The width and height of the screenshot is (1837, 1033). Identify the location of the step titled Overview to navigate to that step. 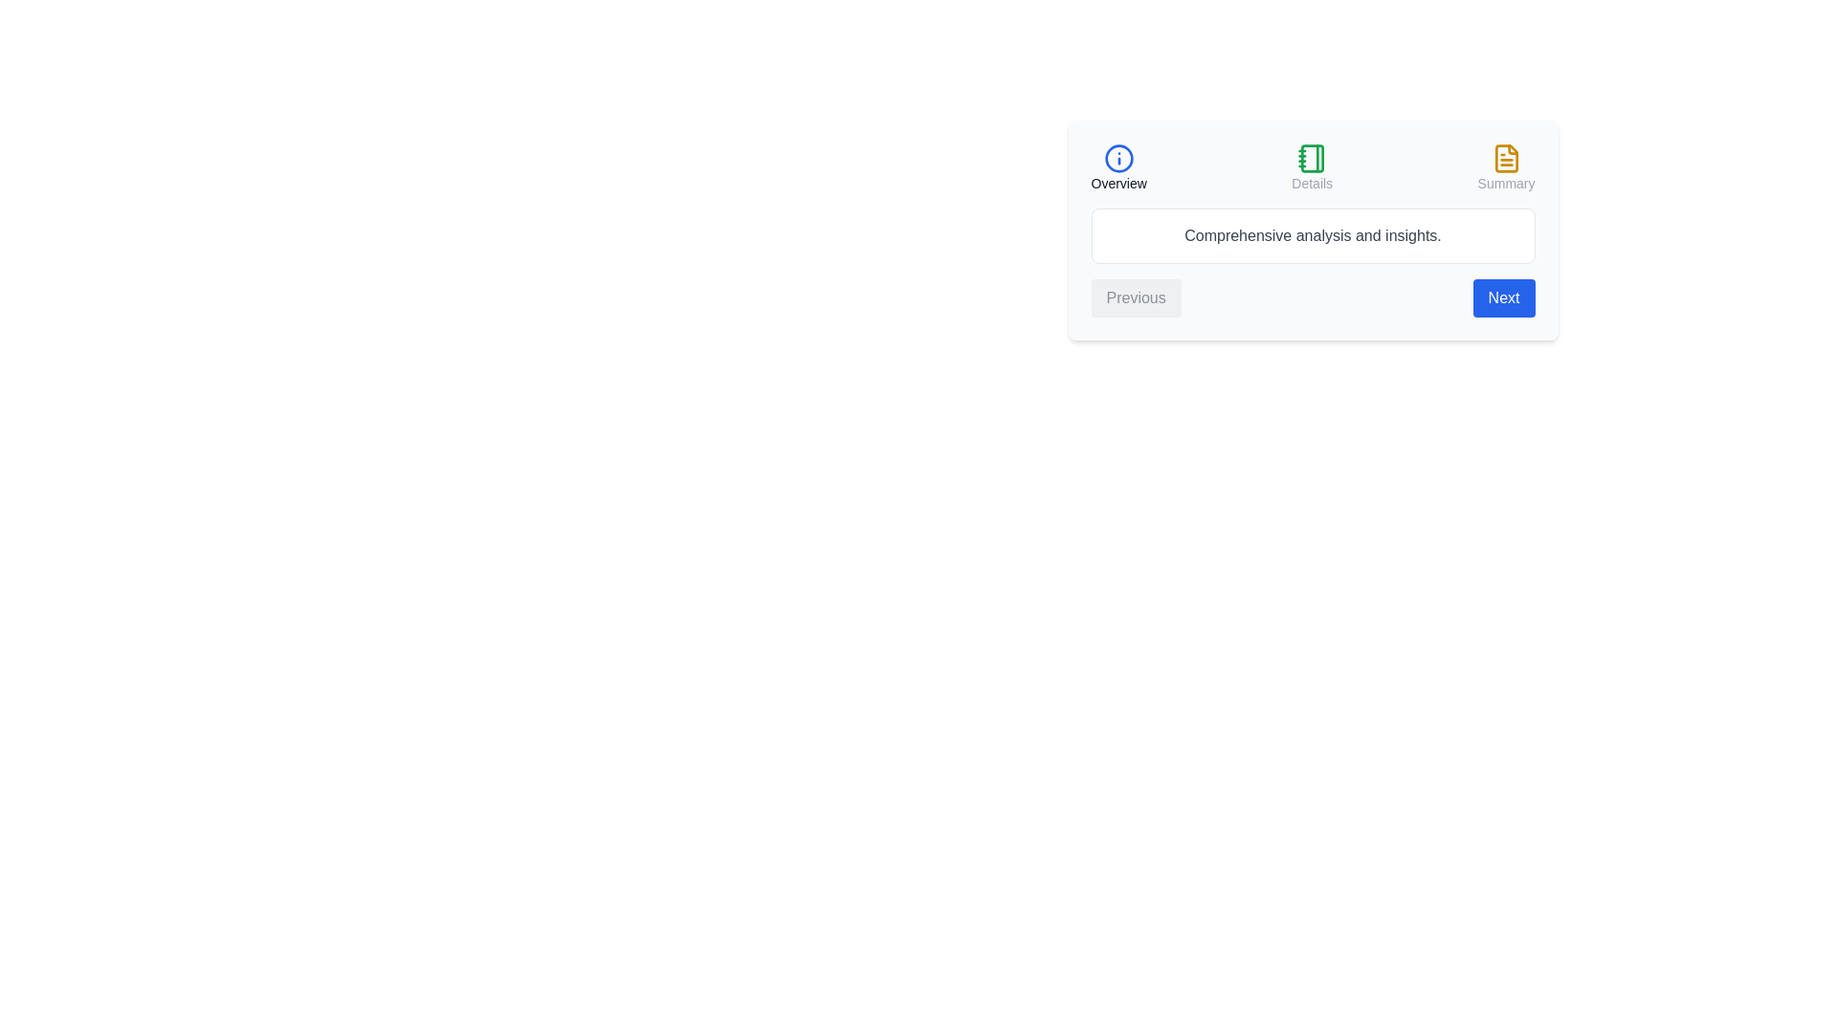
(1118, 167).